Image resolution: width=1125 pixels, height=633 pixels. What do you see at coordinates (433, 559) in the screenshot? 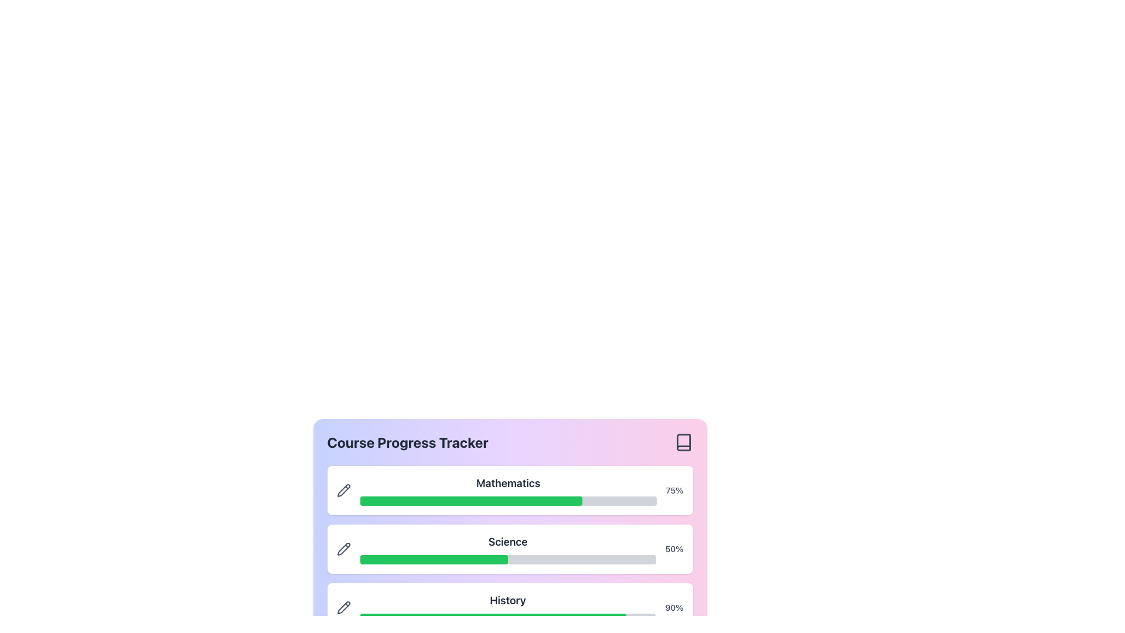
I see `the horizontal green progress indicator located below the 'Science' label in the Course Progress Tracker interface` at bounding box center [433, 559].